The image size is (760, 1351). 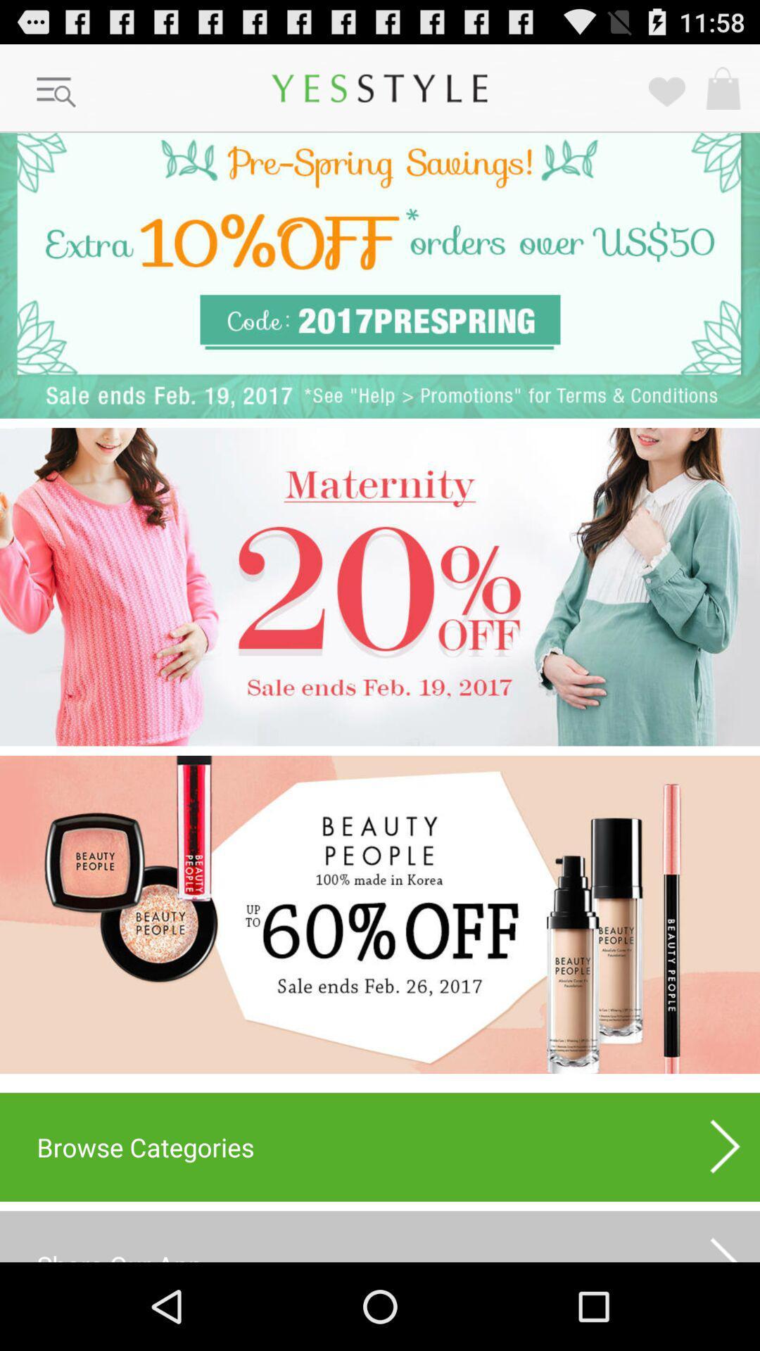 I want to click on menu options, so click(x=56, y=92).